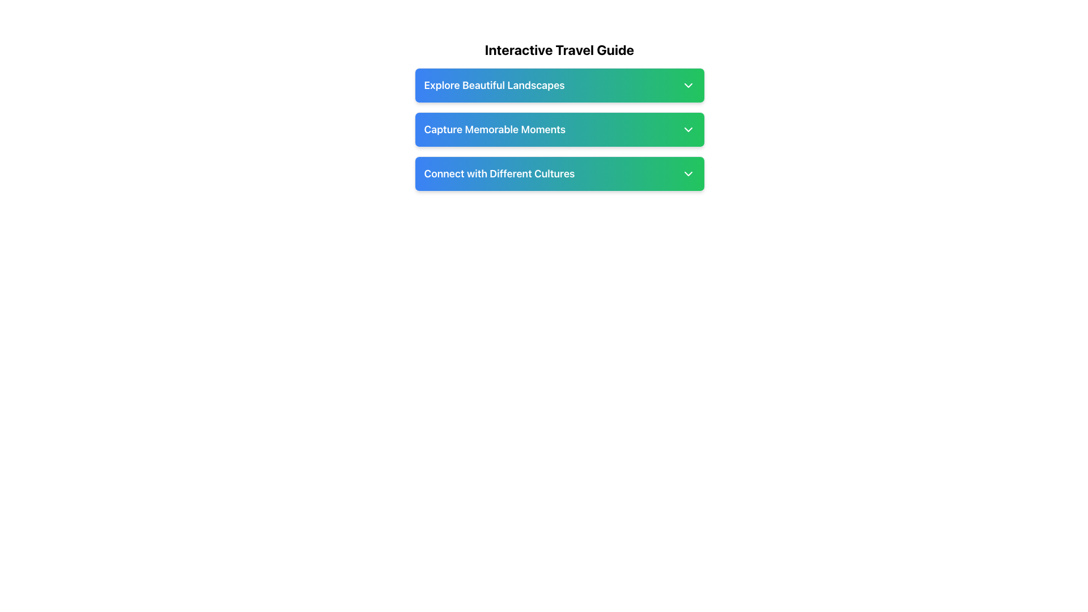 The height and width of the screenshot is (612, 1088). What do you see at coordinates (494, 84) in the screenshot?
I see `the static text element displaying 'Explore Beautiful Landscapes', which is styled with a bold font and white color on a gradient background` at bounding box center [494, 84].